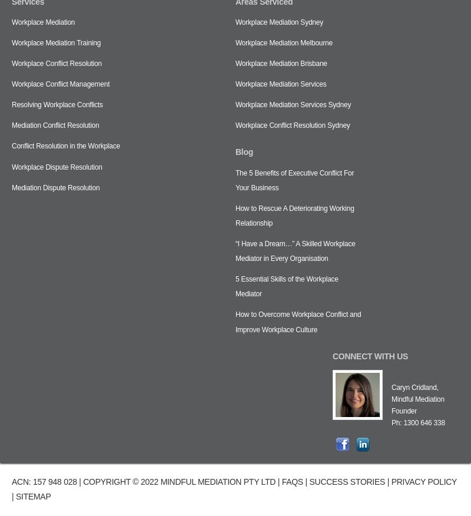 The image size is (471, 516). What do you see at coordinates (57, 64) in the screenshot?
I see `'Workplace Conflict Resolution'` at bounding box center [57, 64].